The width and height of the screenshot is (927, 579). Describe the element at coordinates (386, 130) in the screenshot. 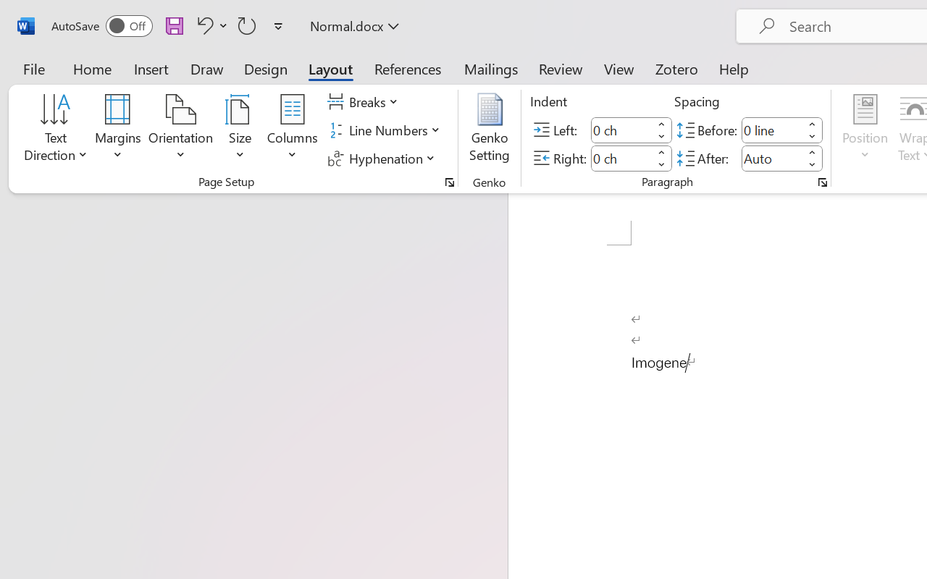

I see `'Line Numbers'` at that location.